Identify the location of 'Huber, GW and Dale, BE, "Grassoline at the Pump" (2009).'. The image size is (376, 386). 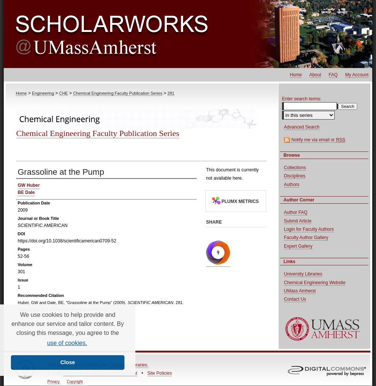
(72, 302).